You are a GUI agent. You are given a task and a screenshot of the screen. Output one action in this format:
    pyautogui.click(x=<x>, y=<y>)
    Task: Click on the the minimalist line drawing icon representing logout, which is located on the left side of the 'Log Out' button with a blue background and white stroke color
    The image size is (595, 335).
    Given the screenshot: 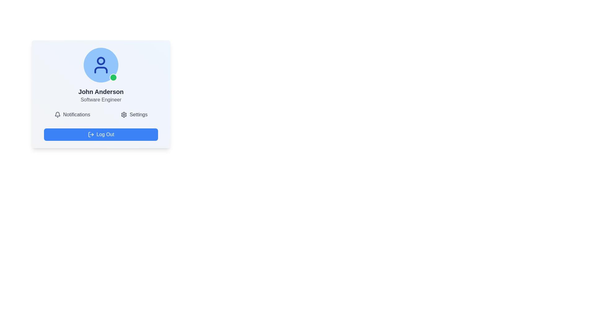 What is the action you would take?
    pyautogui.click(x=90, y=134)
    